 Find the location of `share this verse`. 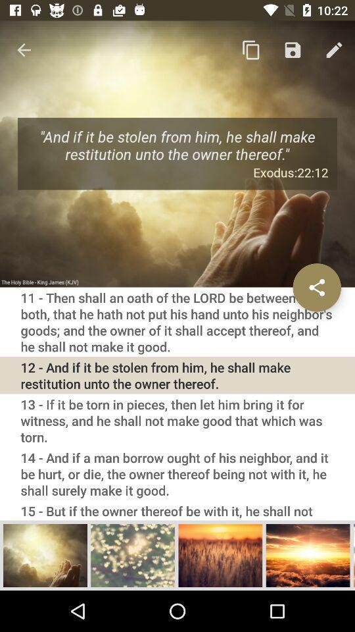

share this verse is located at coordinates (316, 287).